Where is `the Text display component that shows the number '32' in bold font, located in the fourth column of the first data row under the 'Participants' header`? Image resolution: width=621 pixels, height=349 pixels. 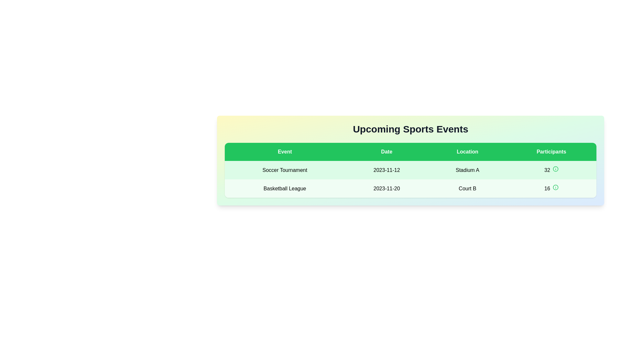 the Text display component that shows the number '32' in bold font, located in the fourth column of the first data row under the 'Participants' header is located at coordinates (551, 170).